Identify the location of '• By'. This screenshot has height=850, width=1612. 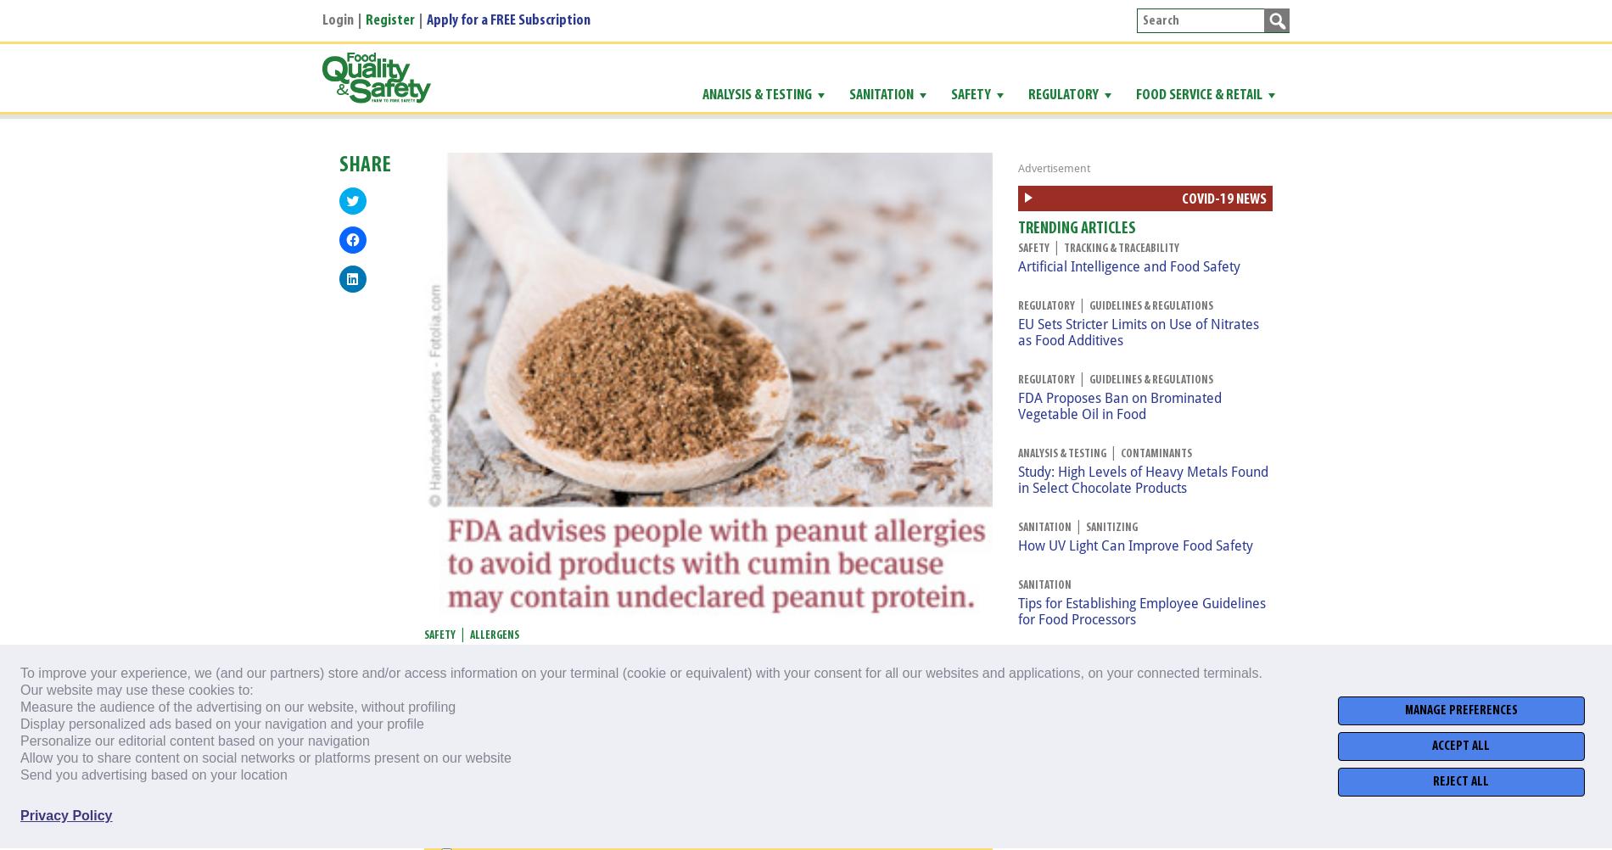
(518, 691).